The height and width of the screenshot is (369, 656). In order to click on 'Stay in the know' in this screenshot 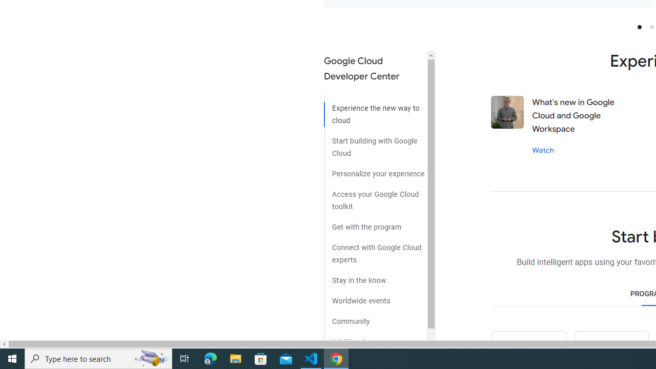, I will do `click(375, 277)`.